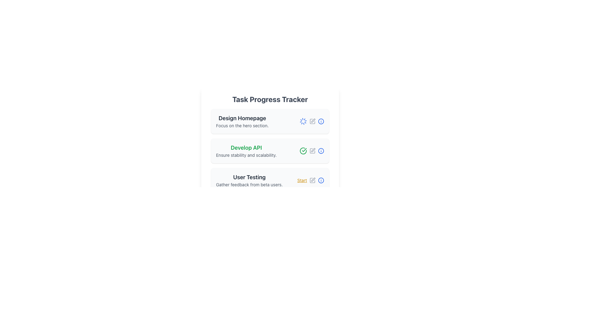 The width and height of the screenshot is (590, 332). What do you see at coordinates (311, 180) in the screenshot?
I see `the interactive hyperlink text located in the bottom-right corner of the 'User Testing' card` at bounding box center [311, 180].